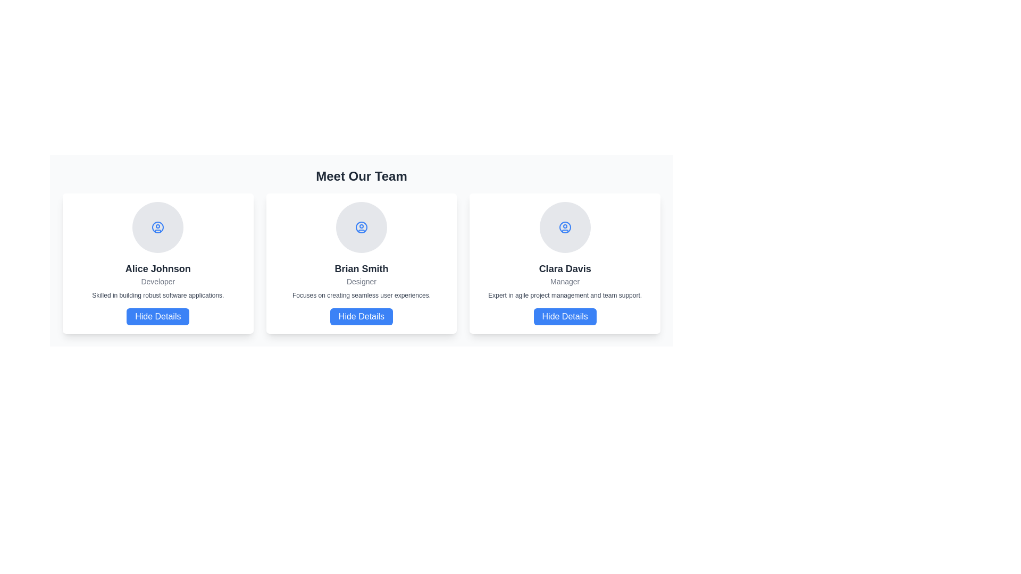 This screenshot has width=1021, height=574. I want to click on the 'Hide Details' button with a blue background and white text located at the bottom center of Clara Davis's profile card, so click(564, 316).